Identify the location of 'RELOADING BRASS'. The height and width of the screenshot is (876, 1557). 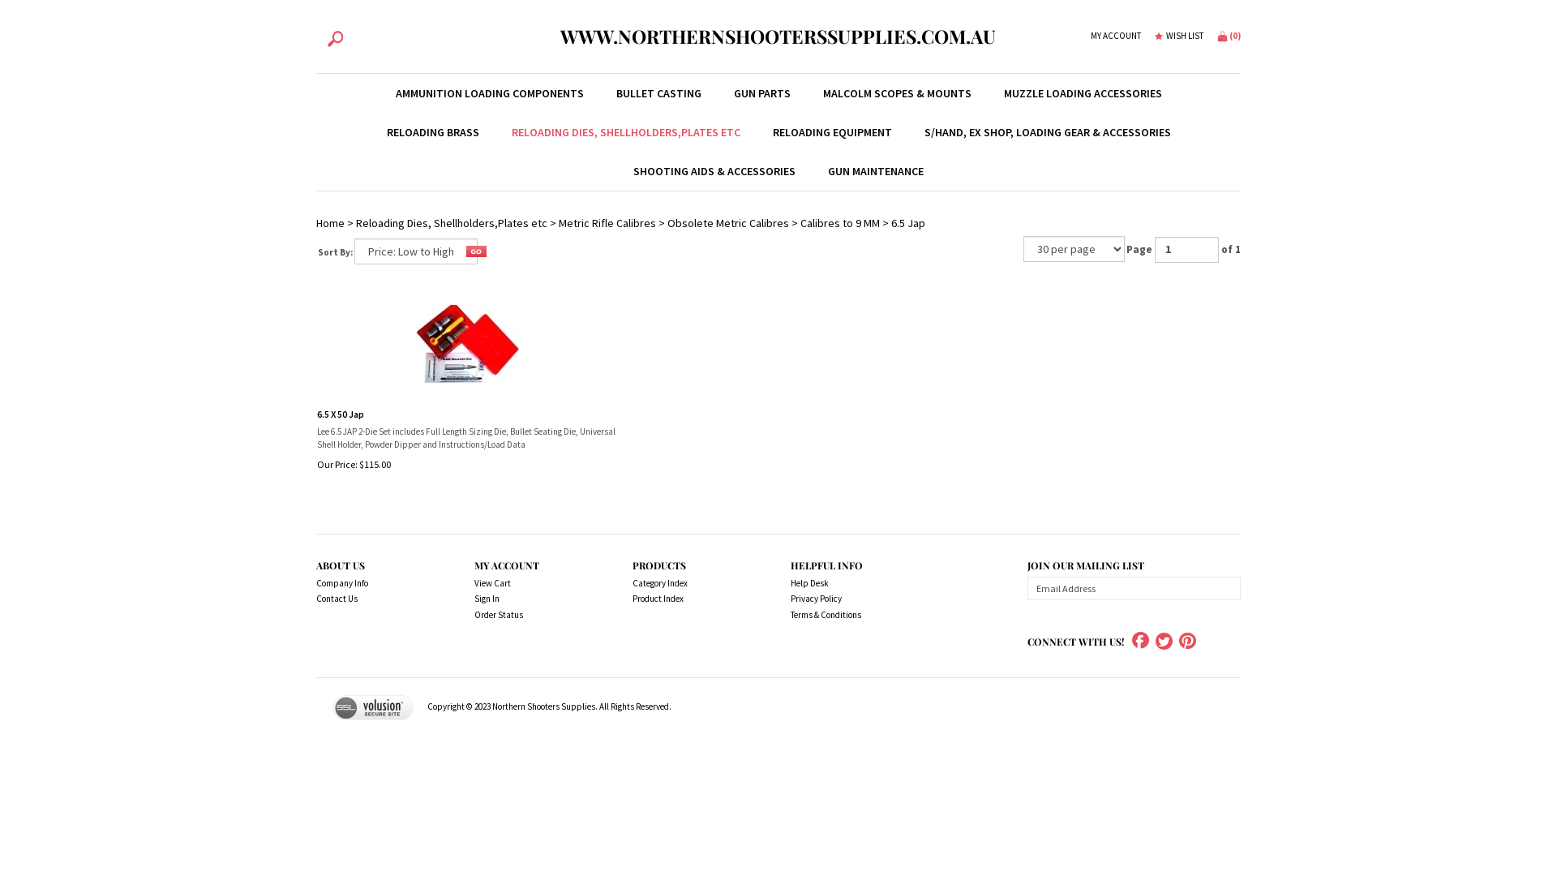
(431, 131).